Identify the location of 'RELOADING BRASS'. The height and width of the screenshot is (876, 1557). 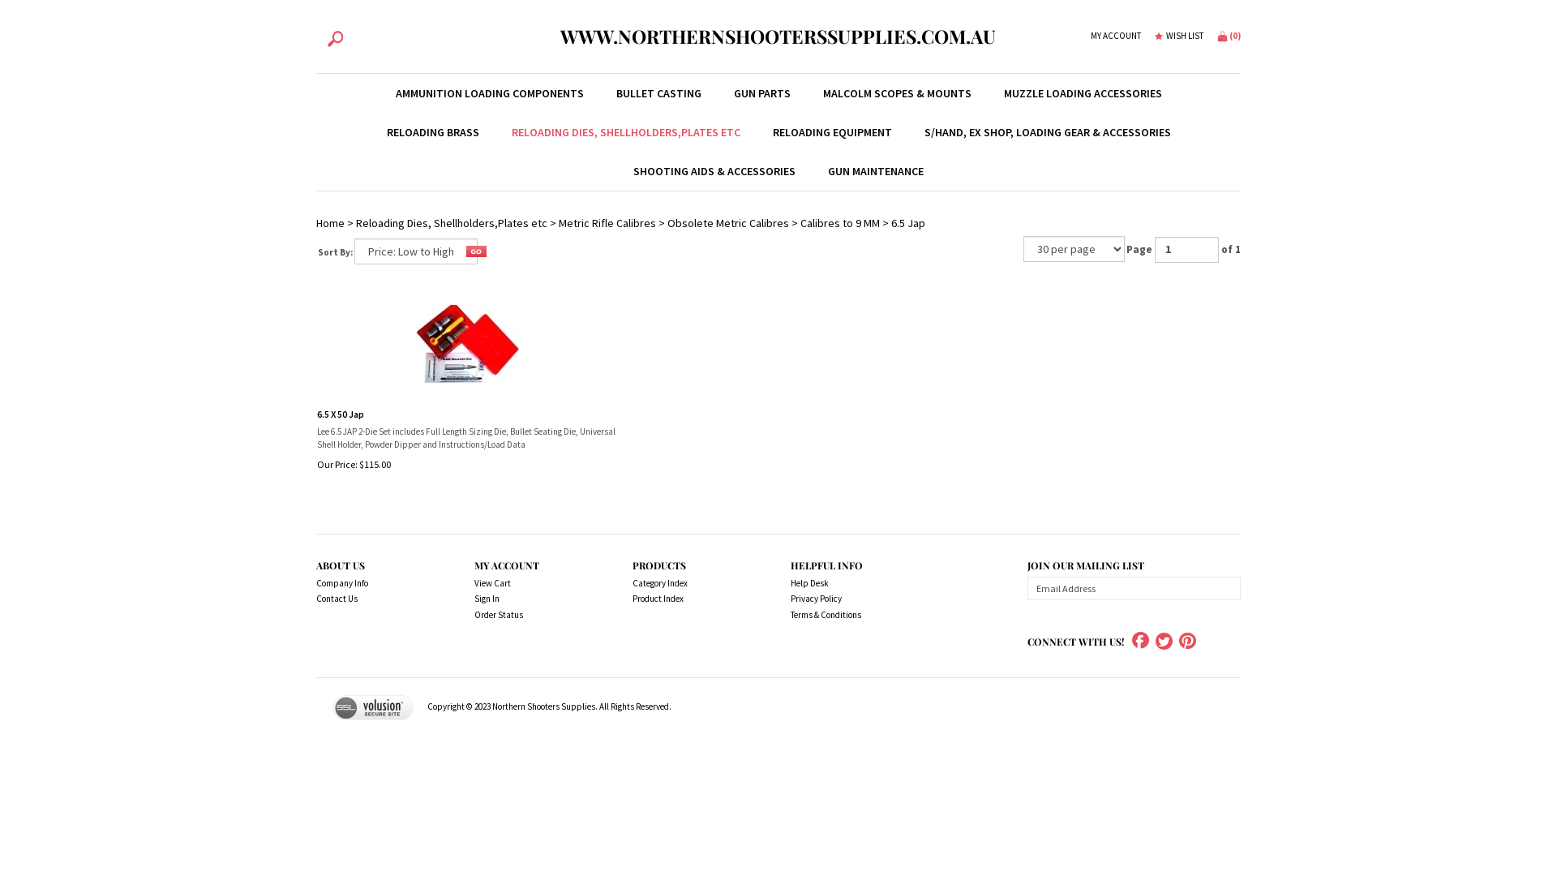
(431, 131).